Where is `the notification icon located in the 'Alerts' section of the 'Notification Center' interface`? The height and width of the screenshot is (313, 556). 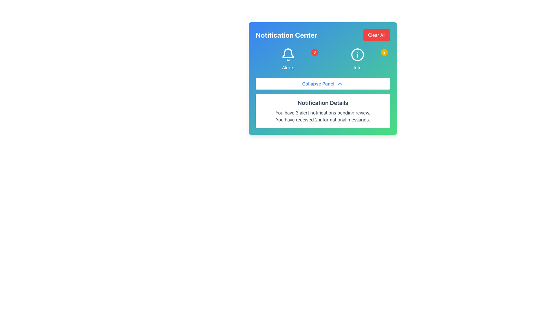 the notification icon located in the 'Alerts' section of the 'Notification Center' interface is located at coordinates (288, 55).